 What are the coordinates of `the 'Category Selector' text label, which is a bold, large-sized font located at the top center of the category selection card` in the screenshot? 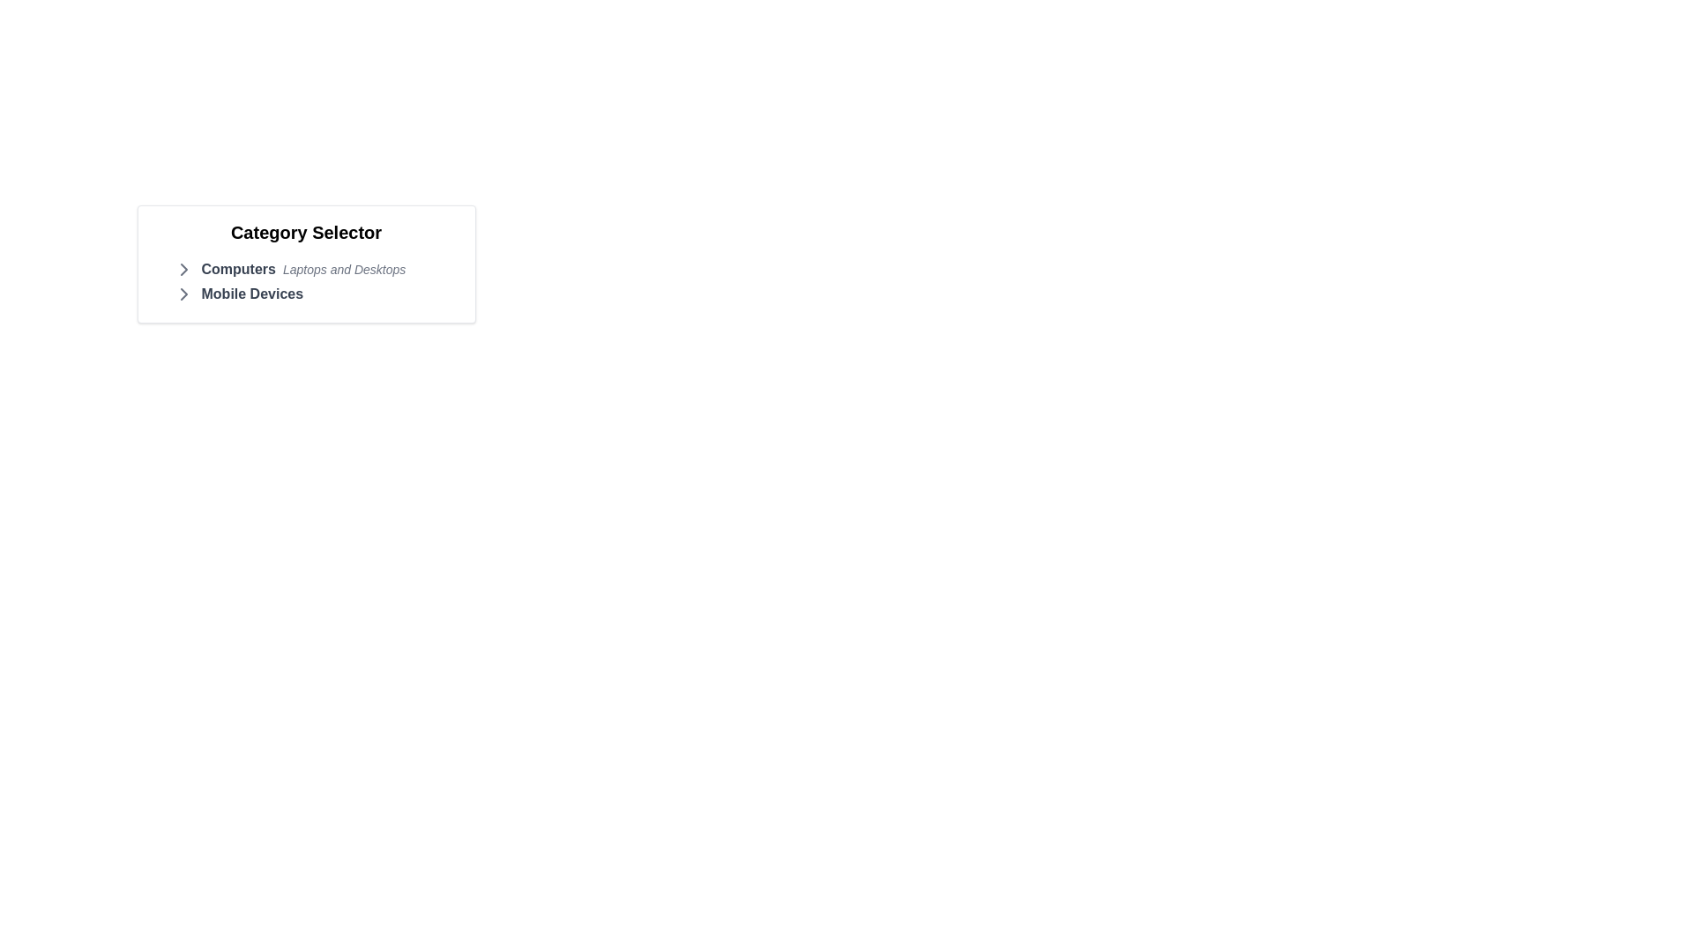 It's located at (306, 231).